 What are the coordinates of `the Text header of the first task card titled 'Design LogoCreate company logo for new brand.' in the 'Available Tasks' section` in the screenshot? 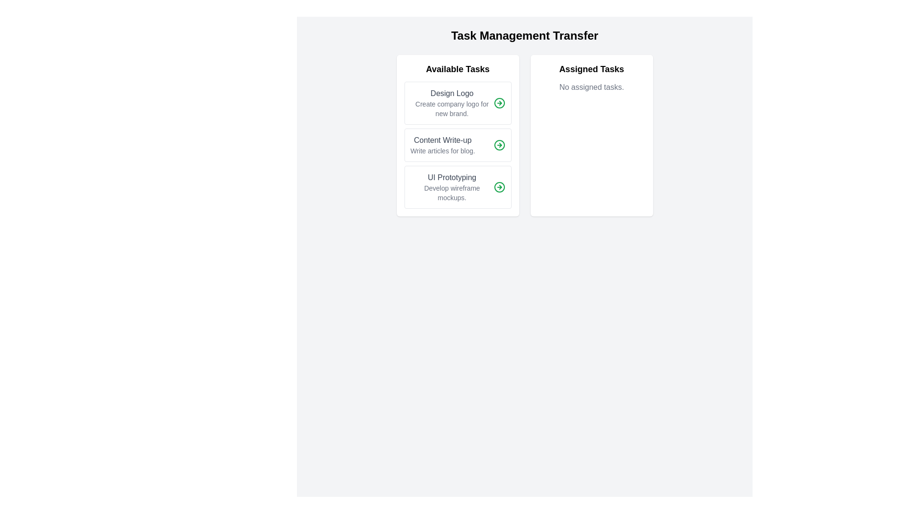 It's located at (451, 94).